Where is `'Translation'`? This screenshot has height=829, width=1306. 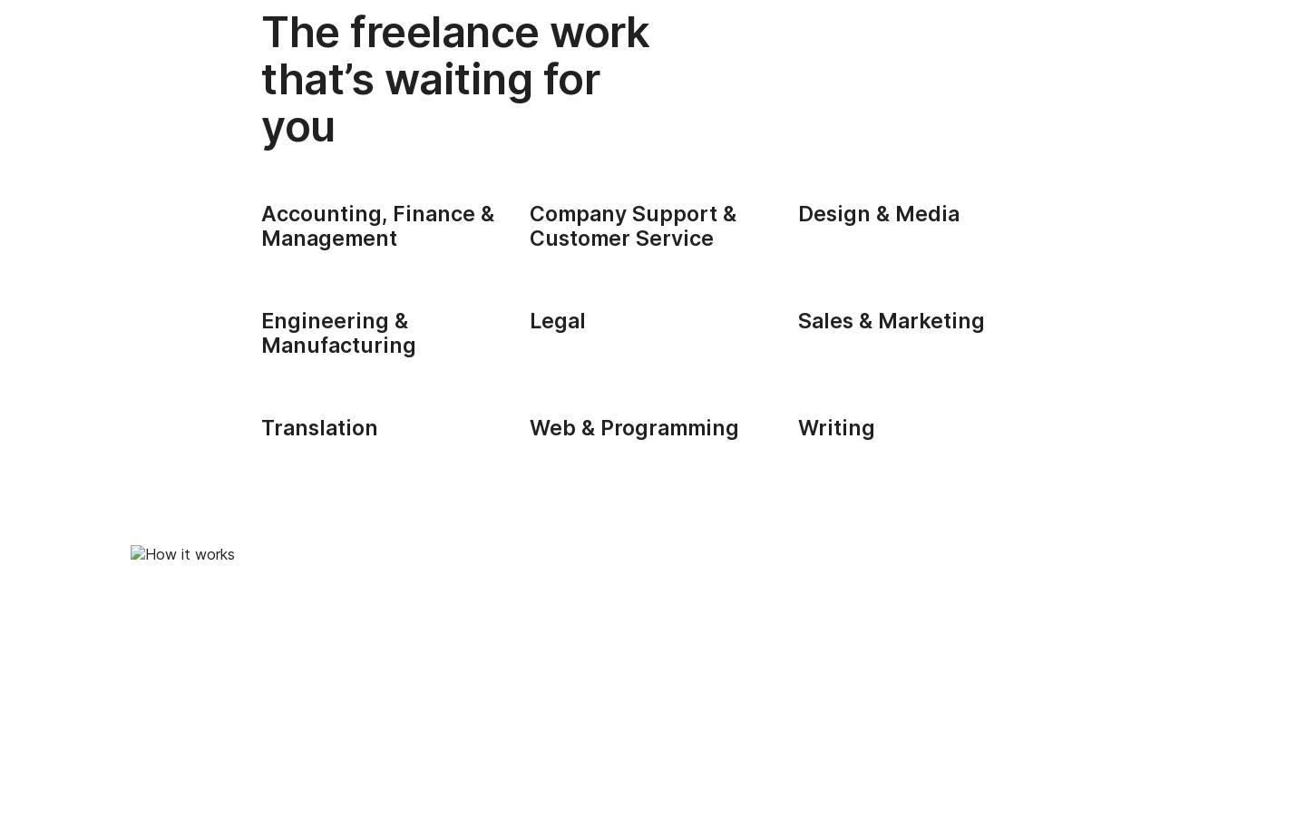 'Translation' is located at coordinates (319, 426).